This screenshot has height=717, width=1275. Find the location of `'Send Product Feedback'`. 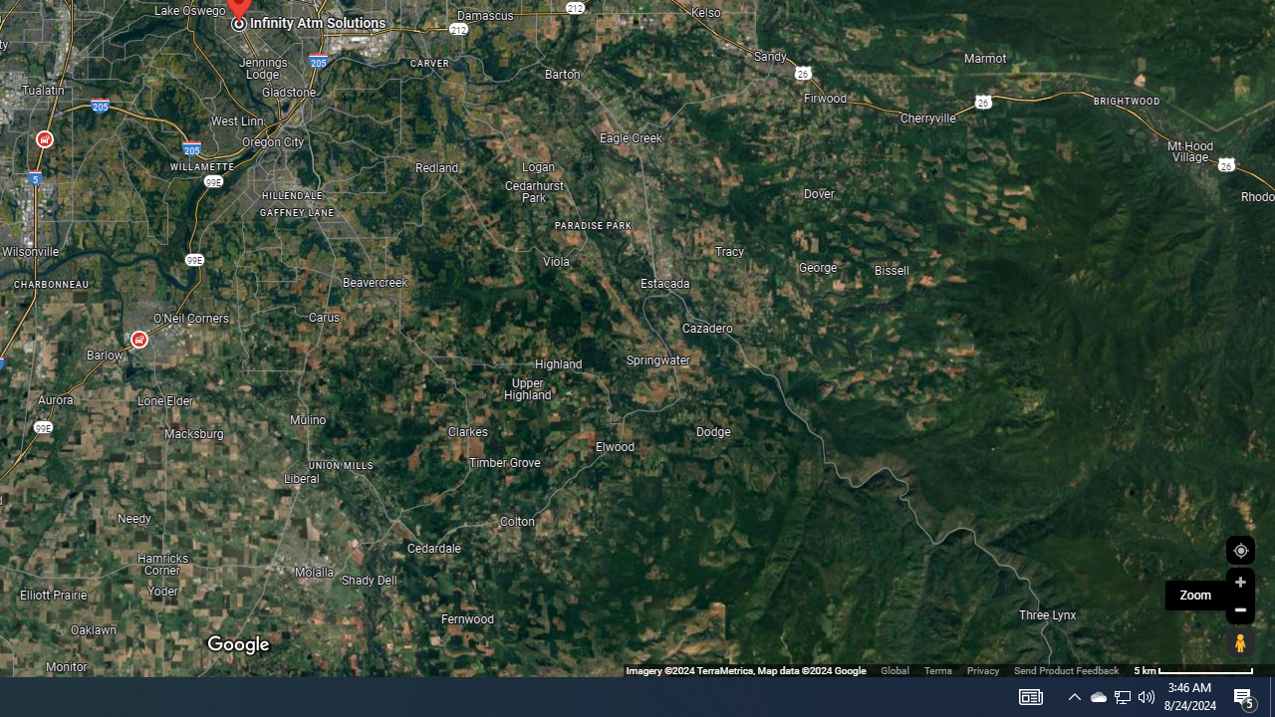

'Send Product Feedback' is located at coordinates (1065, 670).